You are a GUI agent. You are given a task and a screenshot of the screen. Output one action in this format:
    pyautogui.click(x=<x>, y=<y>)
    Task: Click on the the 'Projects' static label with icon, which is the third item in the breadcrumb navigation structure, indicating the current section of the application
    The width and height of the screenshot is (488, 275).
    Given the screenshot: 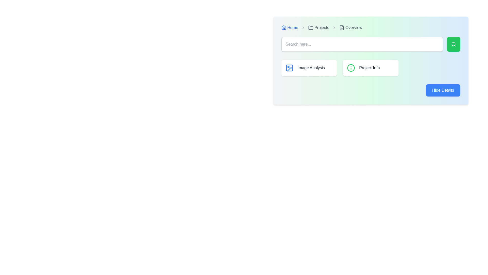 What is the action you would take?
    pyautogui.click(x=318, y=28)
    